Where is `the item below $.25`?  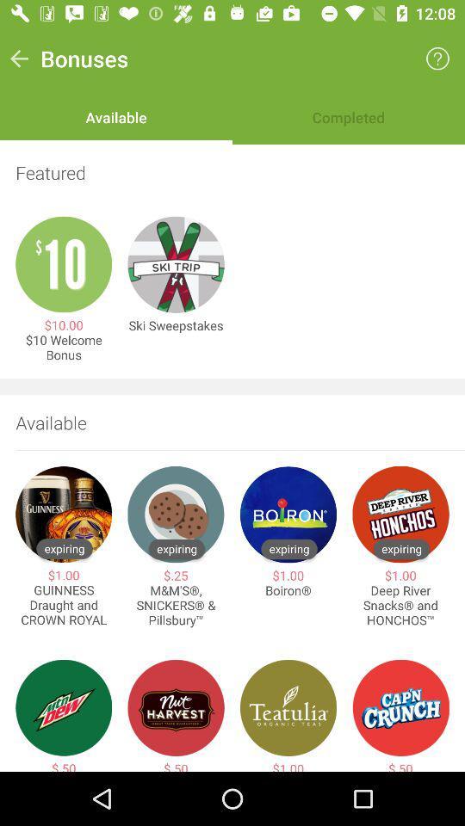 the item below $.25 is located at coordinates (175, 606).